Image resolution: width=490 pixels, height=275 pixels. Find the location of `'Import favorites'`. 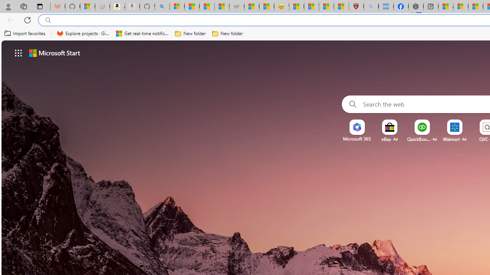

'Import favorites' is located at coordinates (25, 33).